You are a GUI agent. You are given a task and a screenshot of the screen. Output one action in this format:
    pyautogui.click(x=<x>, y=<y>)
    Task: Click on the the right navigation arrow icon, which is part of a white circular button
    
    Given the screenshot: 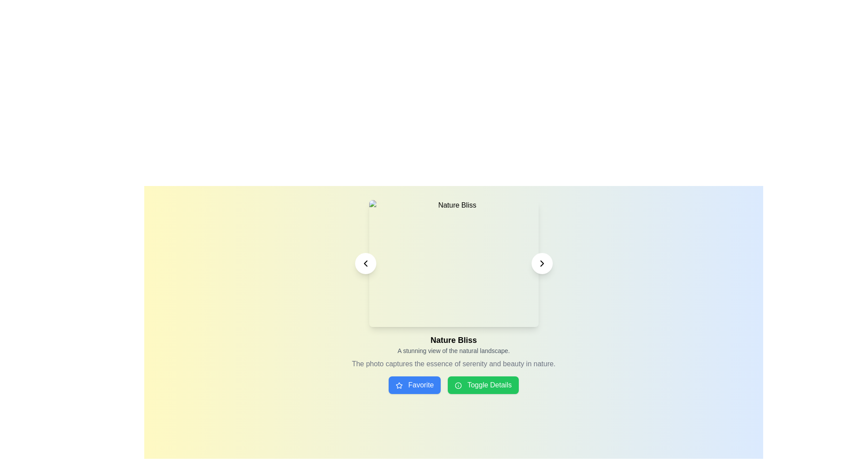 What is the action you would take?
    pyautogui.click(x=541, y=263)
    